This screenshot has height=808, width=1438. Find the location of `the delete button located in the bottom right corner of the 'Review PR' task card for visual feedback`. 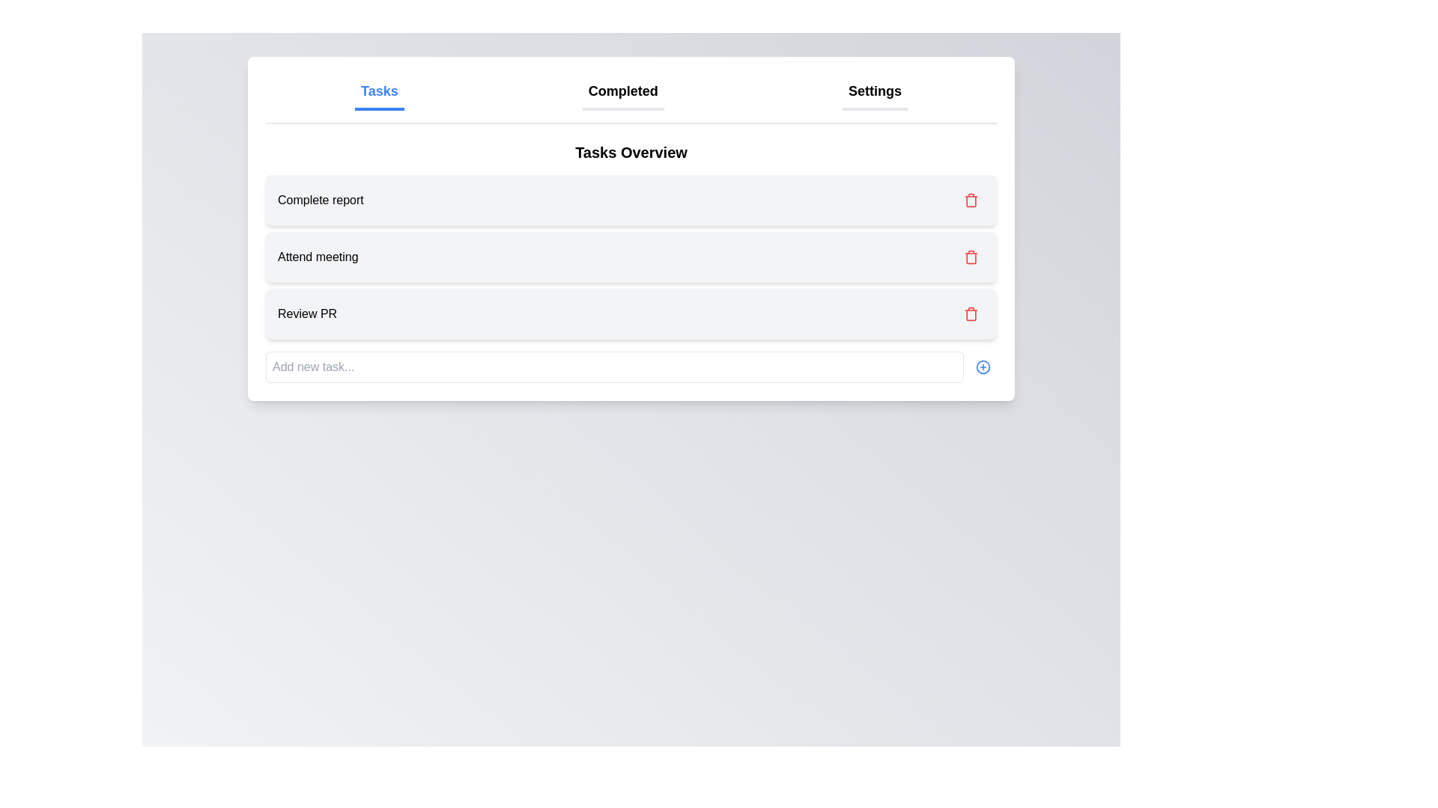

the delete button located in the bottom right corner of the 'Review PR' task card for visual feedback is located at coordinates (971, 313).